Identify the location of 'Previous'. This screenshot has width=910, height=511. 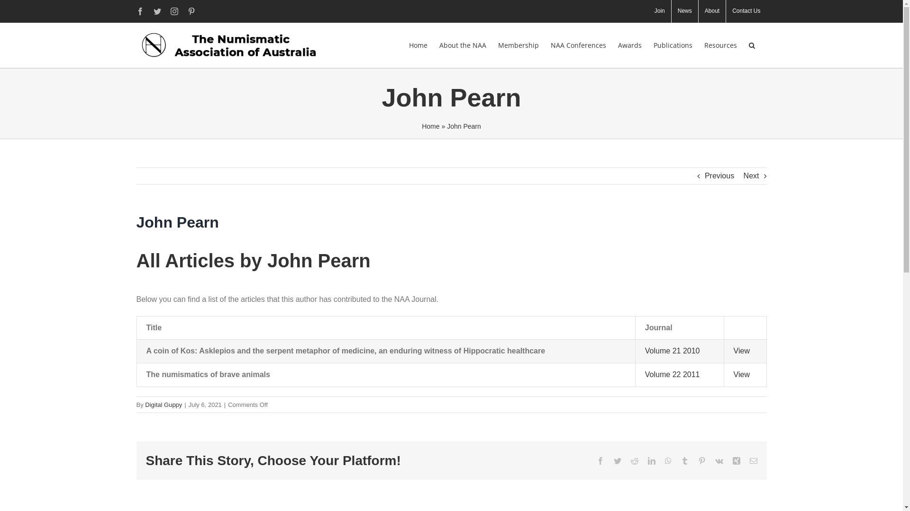
(719, 176).